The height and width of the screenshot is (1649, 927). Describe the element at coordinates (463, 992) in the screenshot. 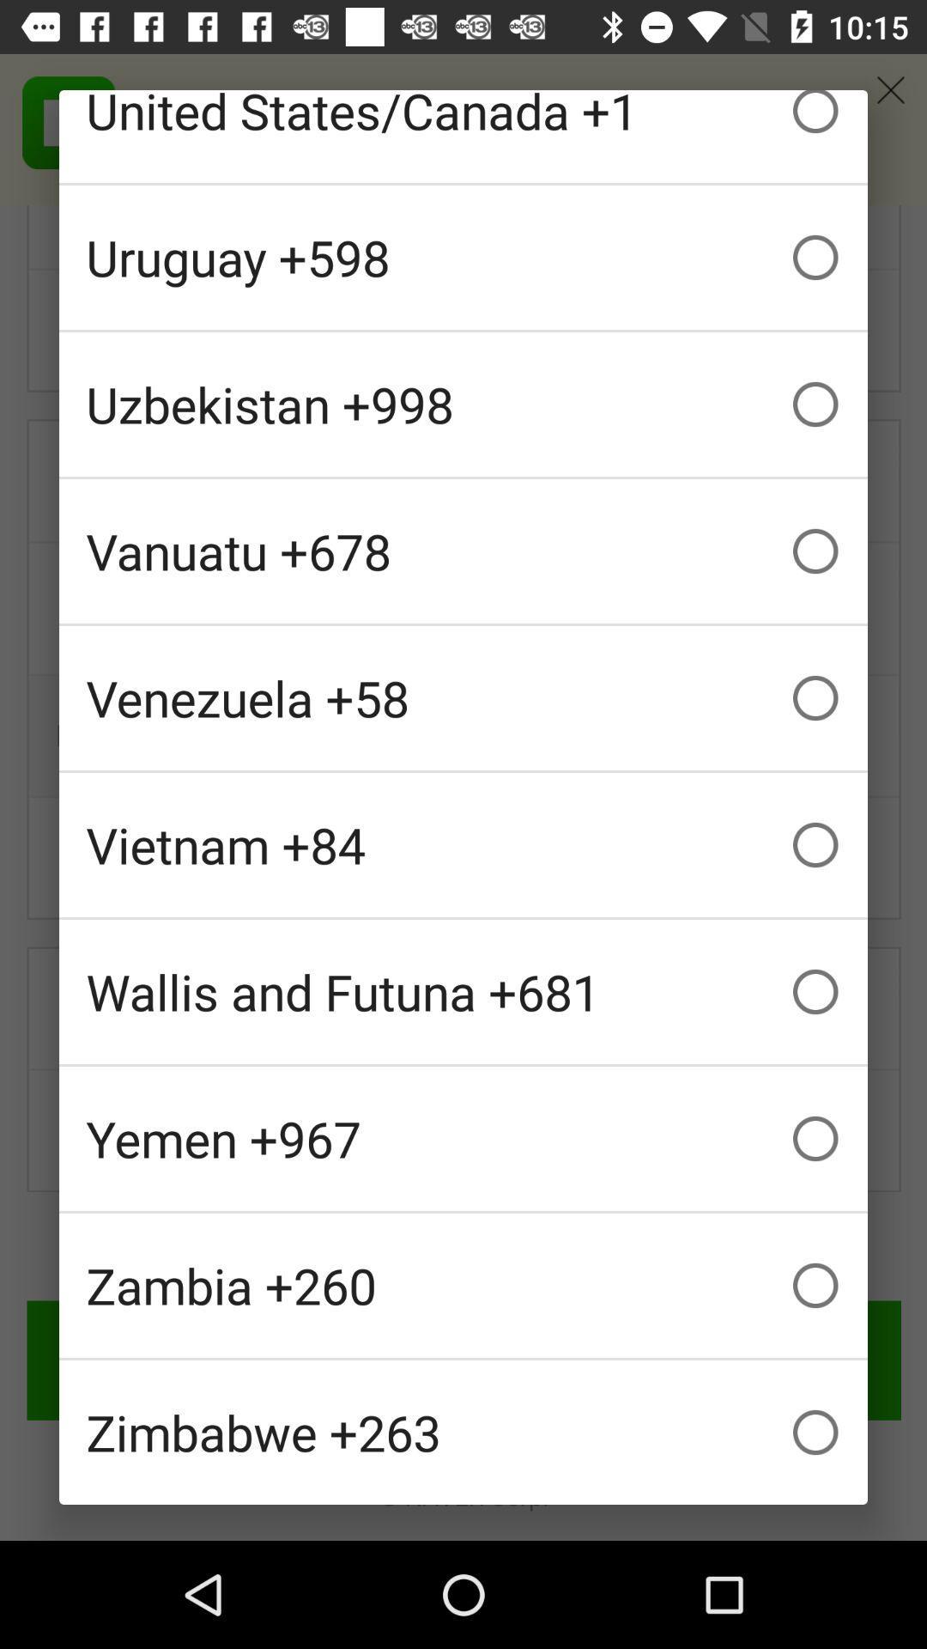

I see `the wallis and futuna` at that location.